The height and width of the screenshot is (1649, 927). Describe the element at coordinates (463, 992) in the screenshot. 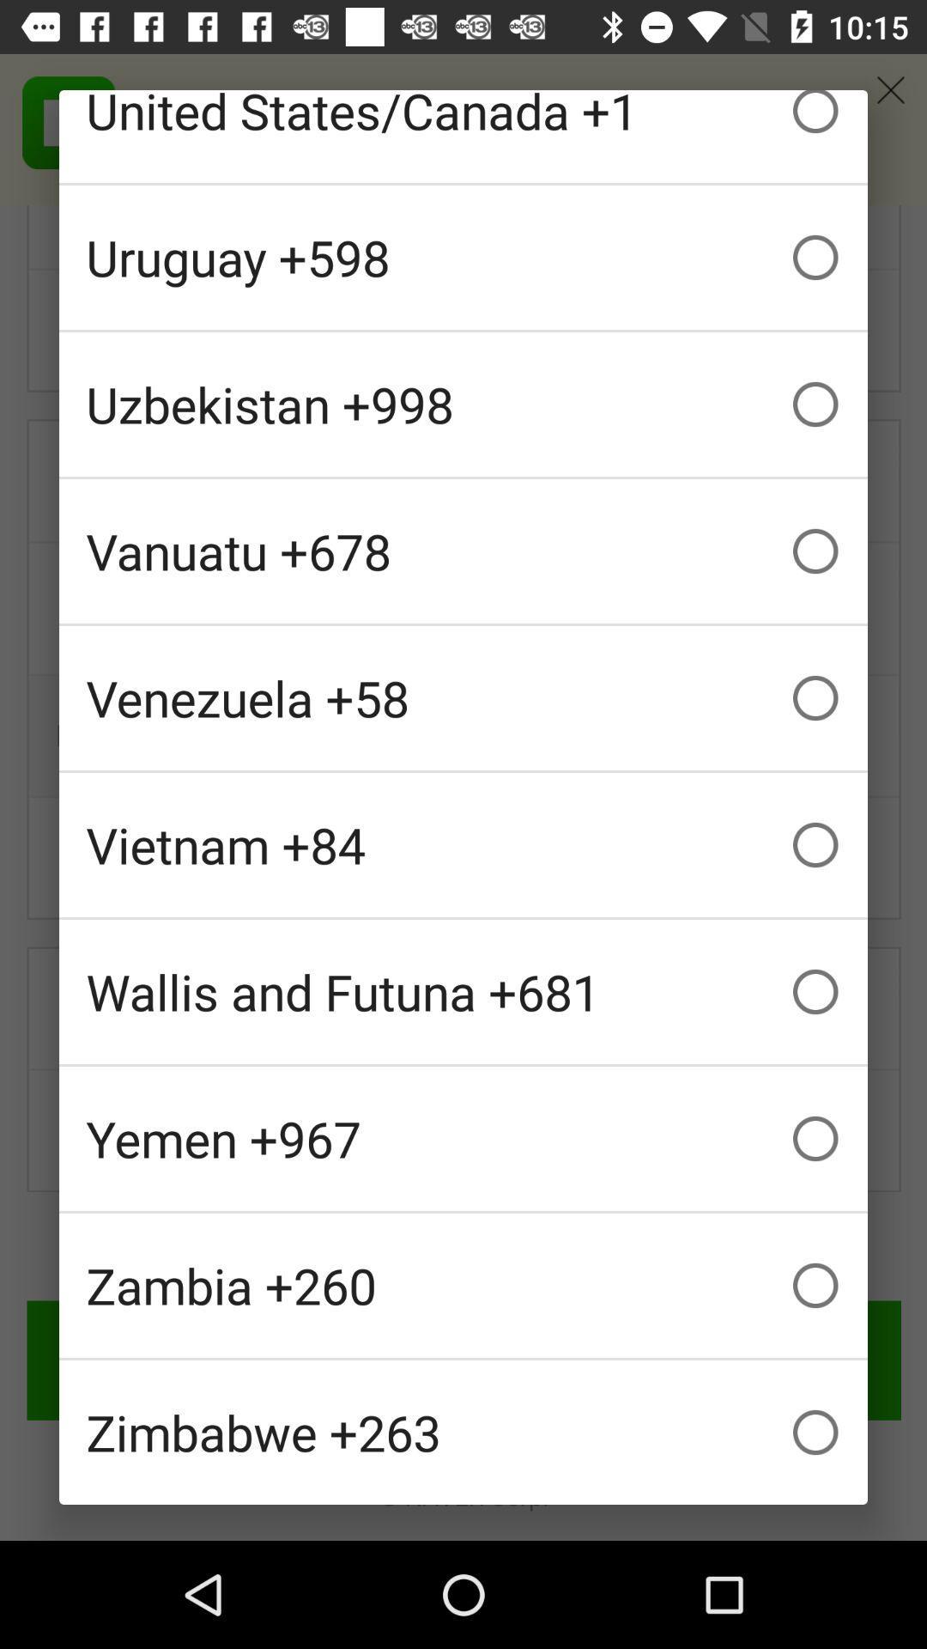

I see `the wallis and futuna` at that location.